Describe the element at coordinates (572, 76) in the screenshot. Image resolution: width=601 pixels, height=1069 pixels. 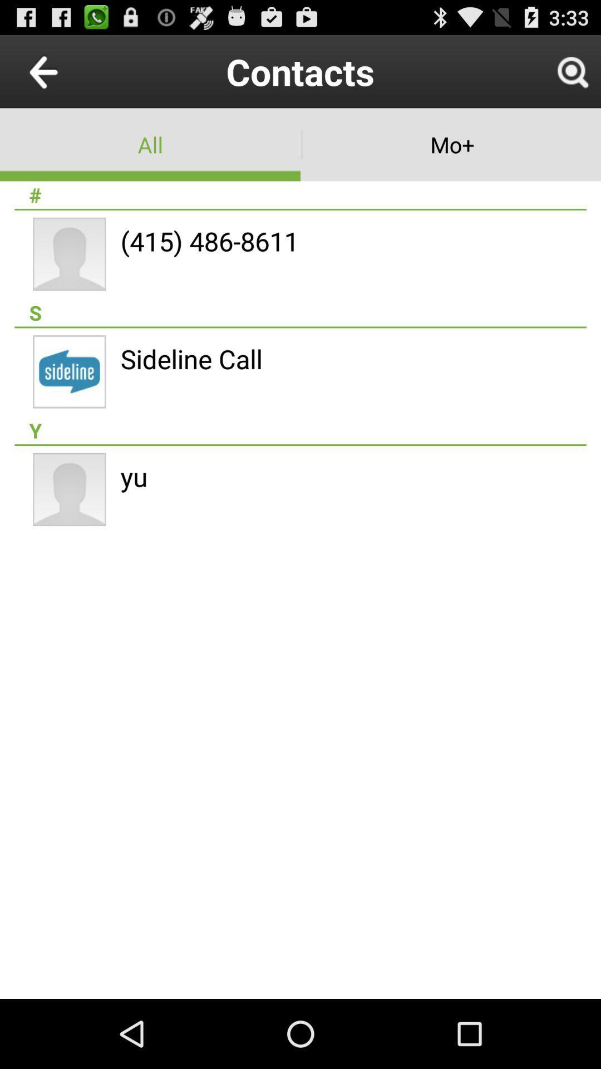
I see `the search icon` at that location.